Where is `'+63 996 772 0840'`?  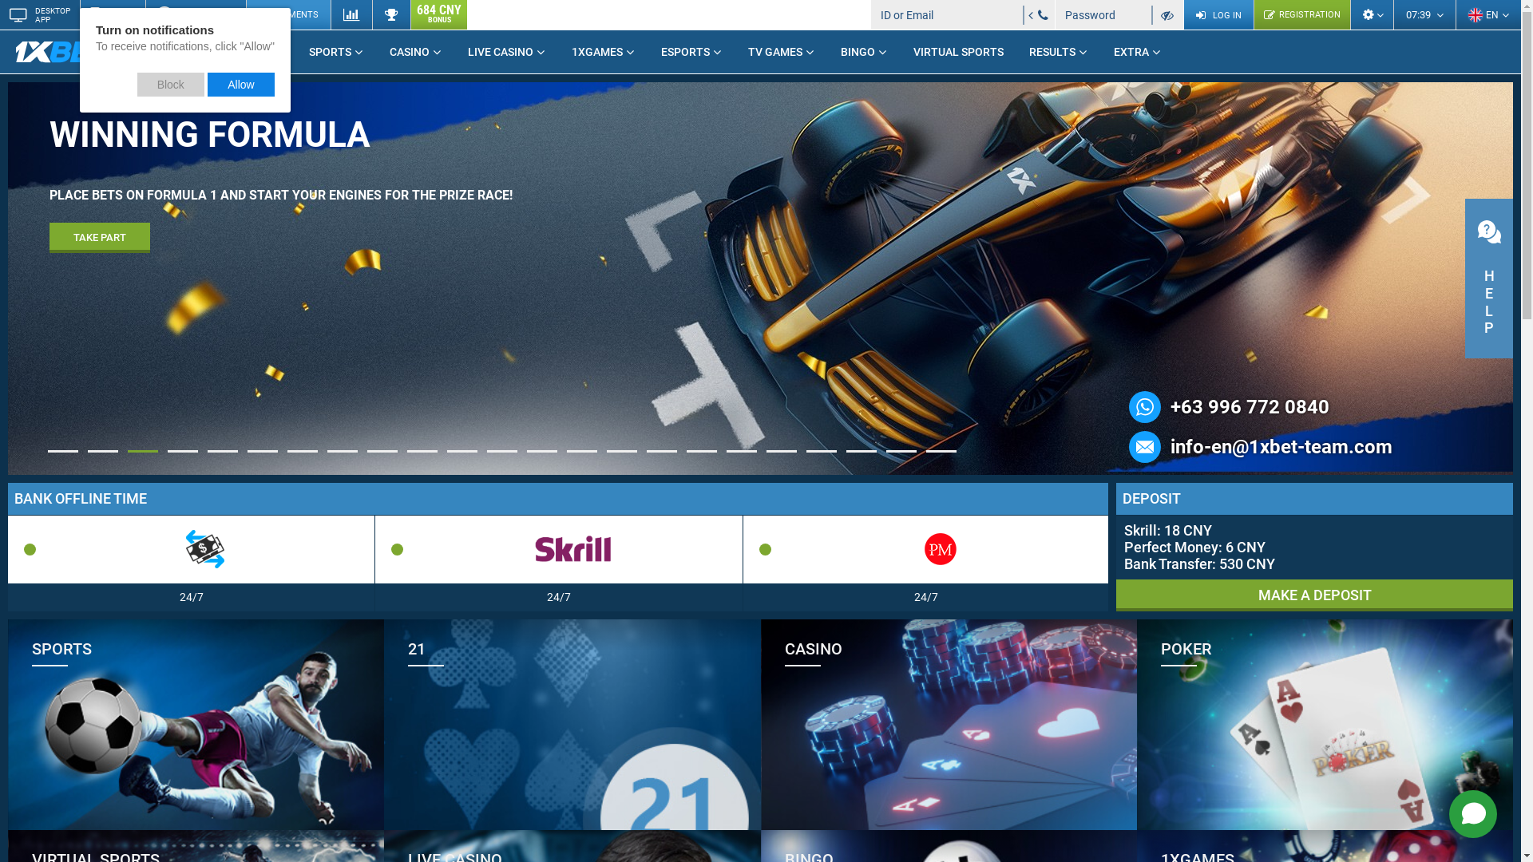 '+63 996 772 0840' is located at coordinates (1249, 405).